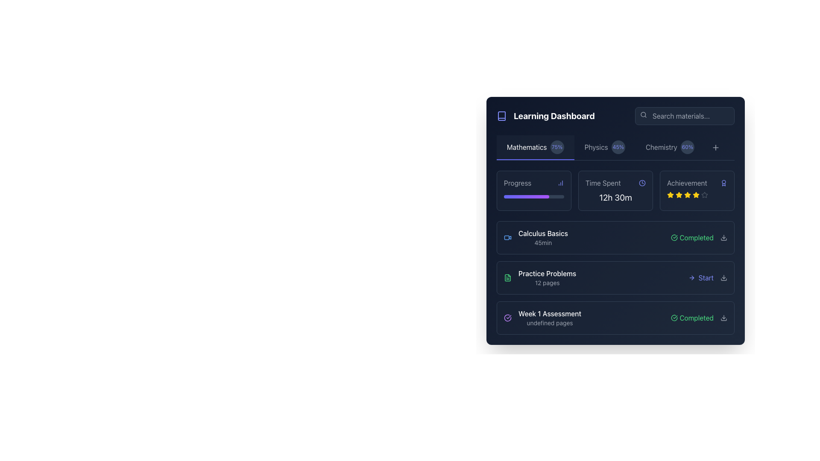  I want to click on the Icon representing the file or document associated with the 'Practice Problems' entry, located to the left of the text 'Practice Problems' and '12 pages', so click(508, 278).